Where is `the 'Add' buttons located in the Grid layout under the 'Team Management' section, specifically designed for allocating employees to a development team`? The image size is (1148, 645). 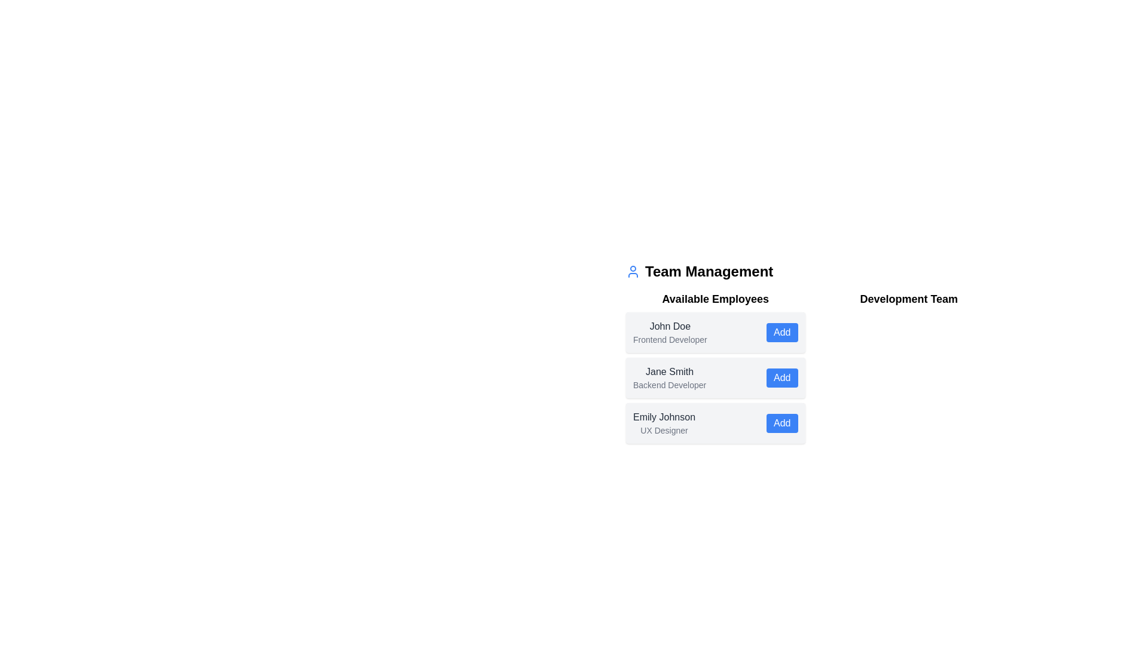
the 'Add' buttons located in the Grid layout under the 'Team Management' section, specifically designed for allocating employees to a development team is located at coordinates (812, 366).